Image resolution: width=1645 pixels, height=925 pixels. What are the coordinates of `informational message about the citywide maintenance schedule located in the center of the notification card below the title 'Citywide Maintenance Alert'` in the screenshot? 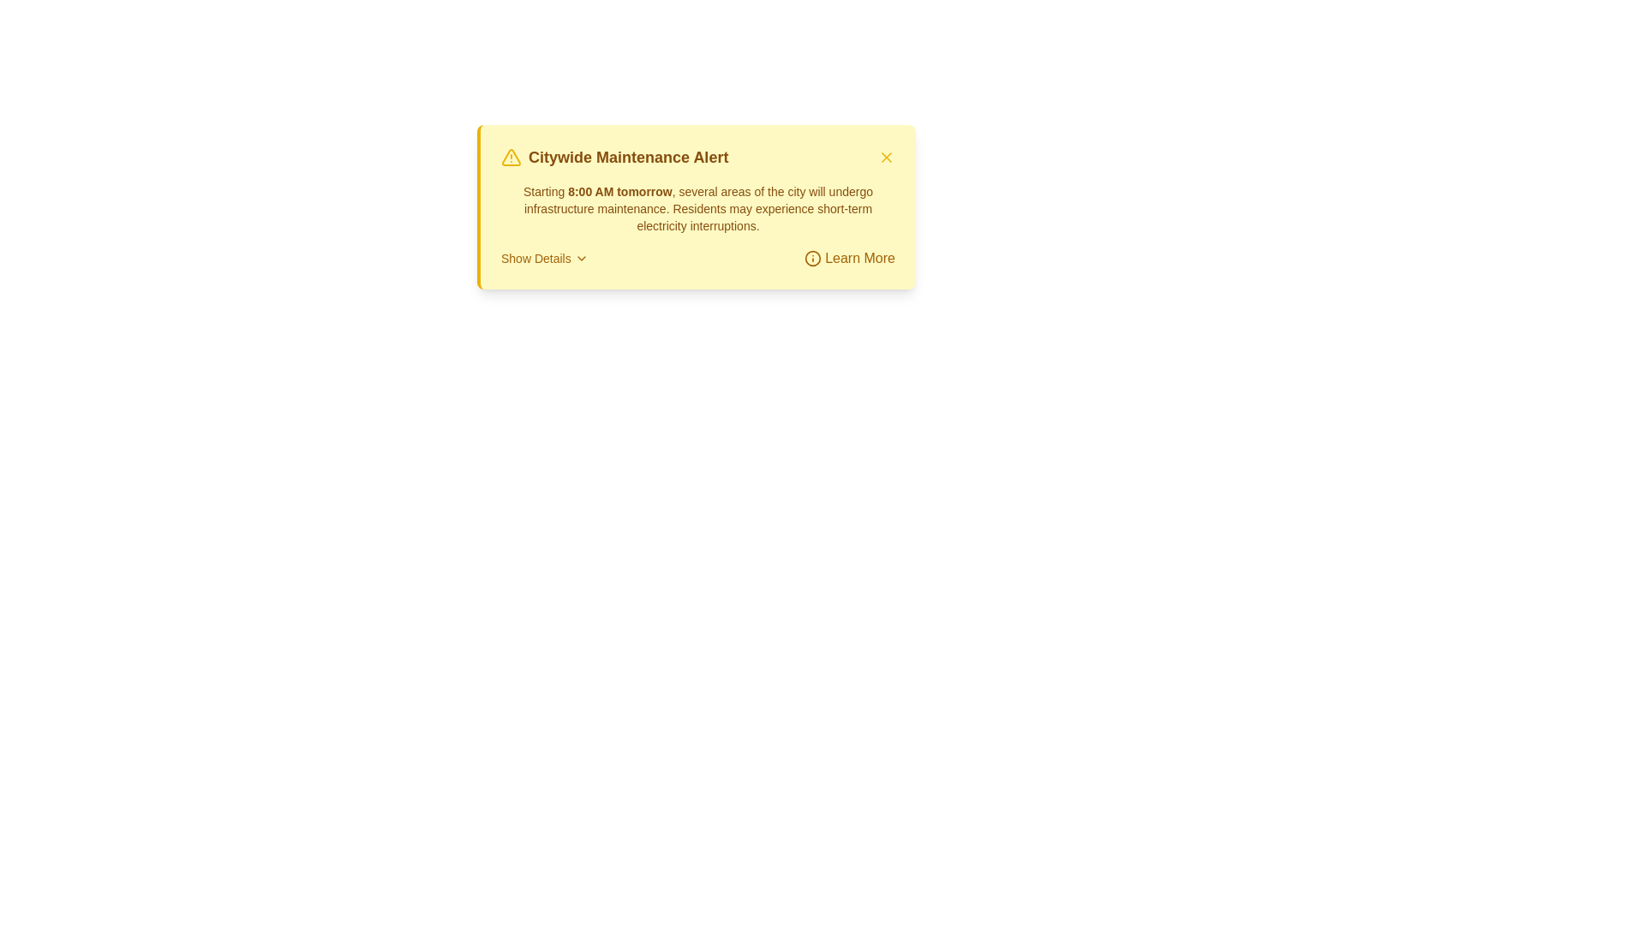 It's located at (698, 207).